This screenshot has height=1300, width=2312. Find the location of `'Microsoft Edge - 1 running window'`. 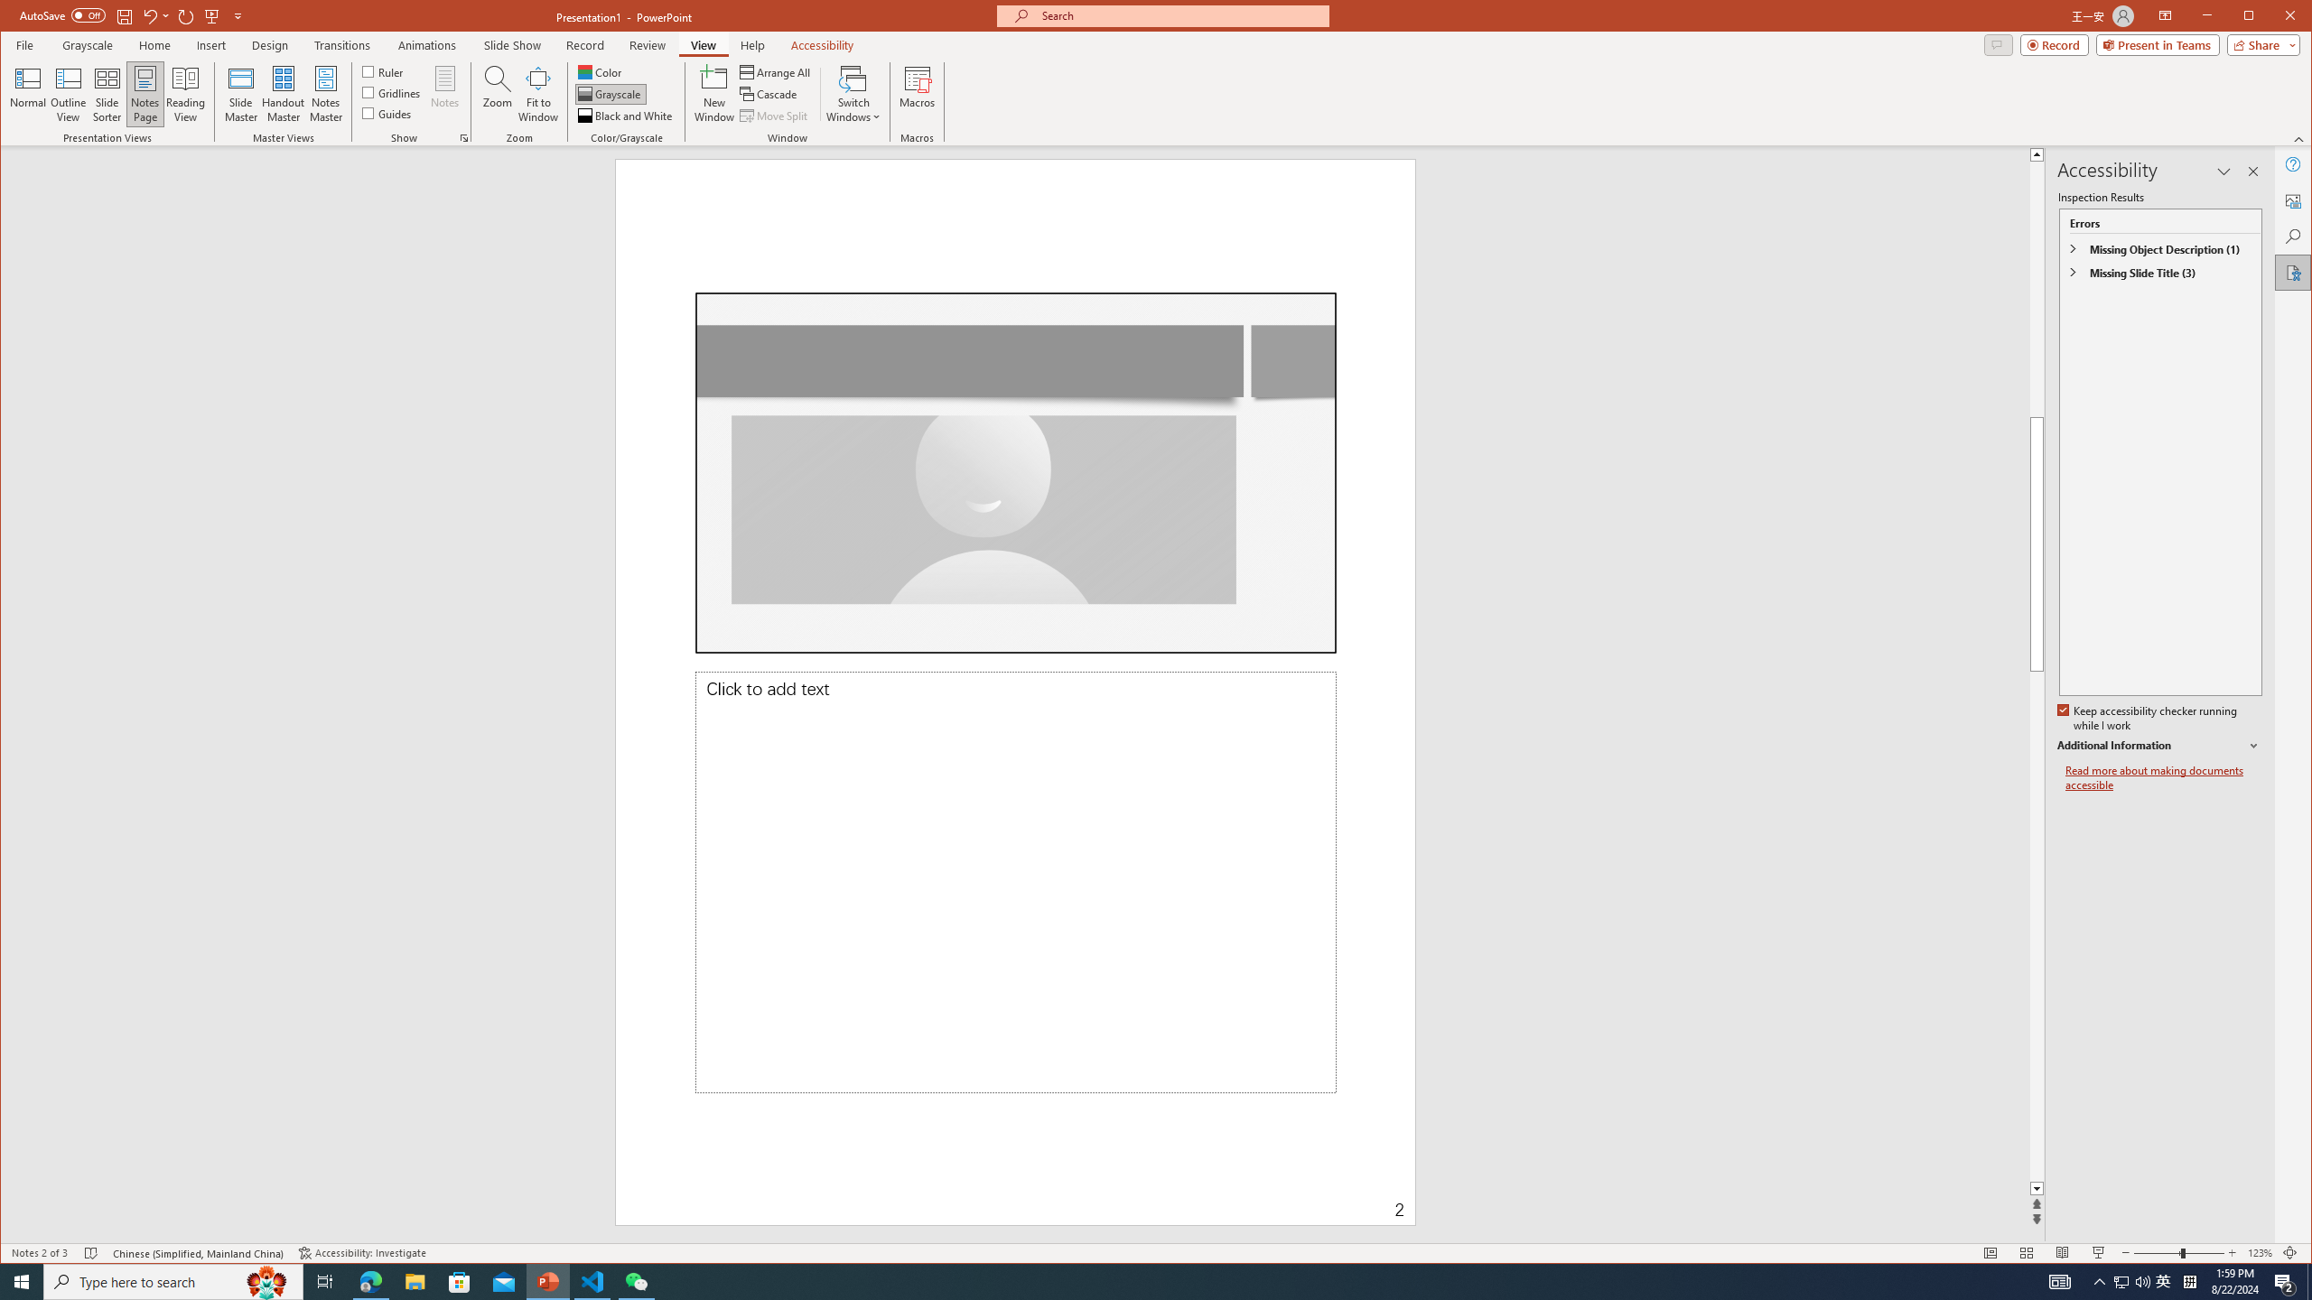

'Microsoft Edge - 1 running window' is located at coordinates (369, 1280).